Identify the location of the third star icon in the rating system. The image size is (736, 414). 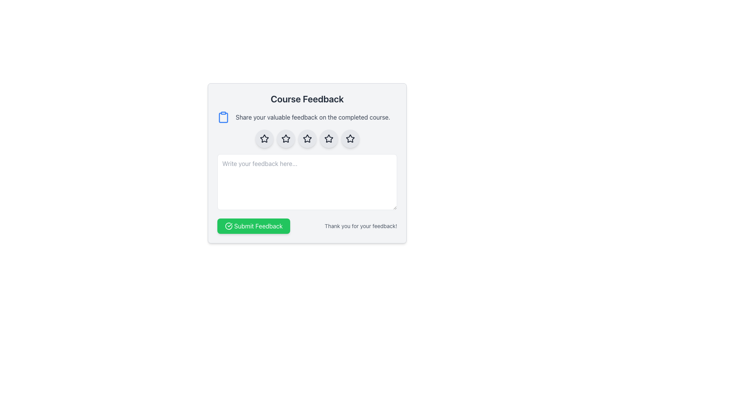
(307, 138).